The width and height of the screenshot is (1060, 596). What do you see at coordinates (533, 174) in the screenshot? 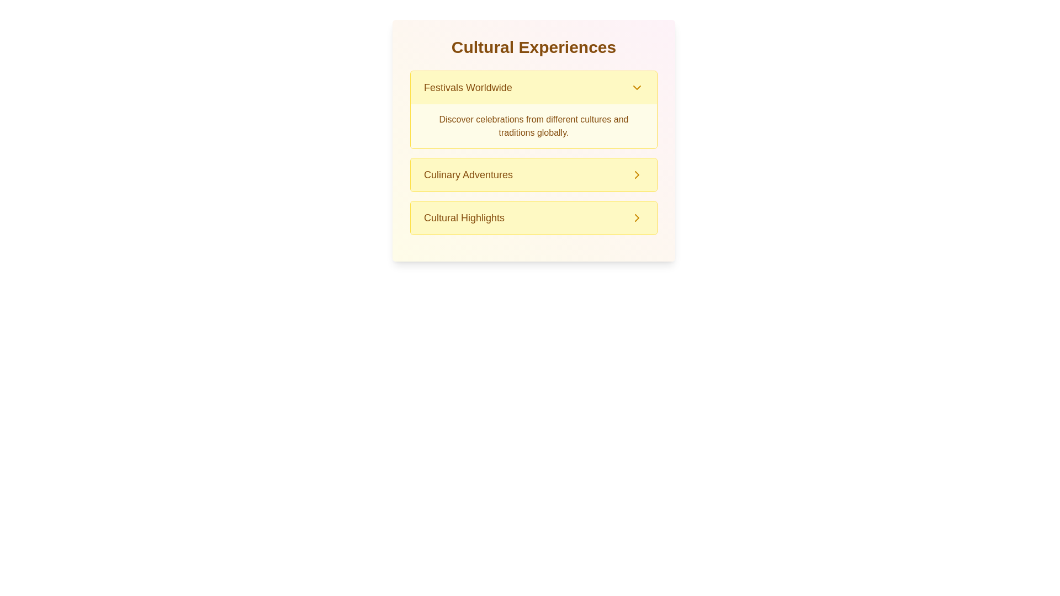
I see `the second selectable list item or card in the menu that represents 'Culinary Adventures'` at bounding box center [533, 174].